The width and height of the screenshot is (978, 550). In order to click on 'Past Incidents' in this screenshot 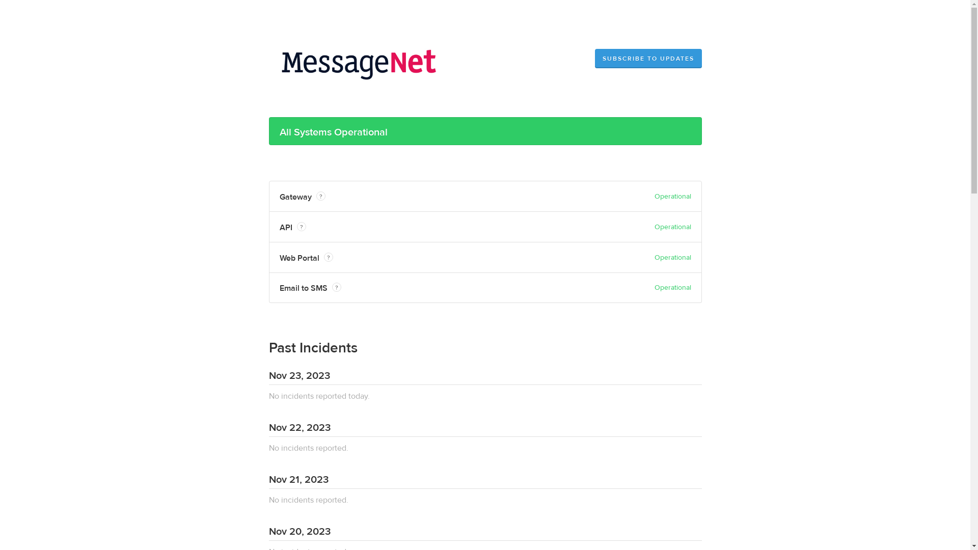, I will do `click(312, 347)`.